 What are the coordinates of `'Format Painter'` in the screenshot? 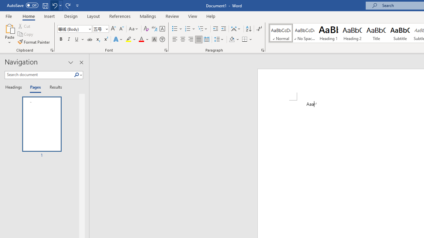 It's located at (34, 42).